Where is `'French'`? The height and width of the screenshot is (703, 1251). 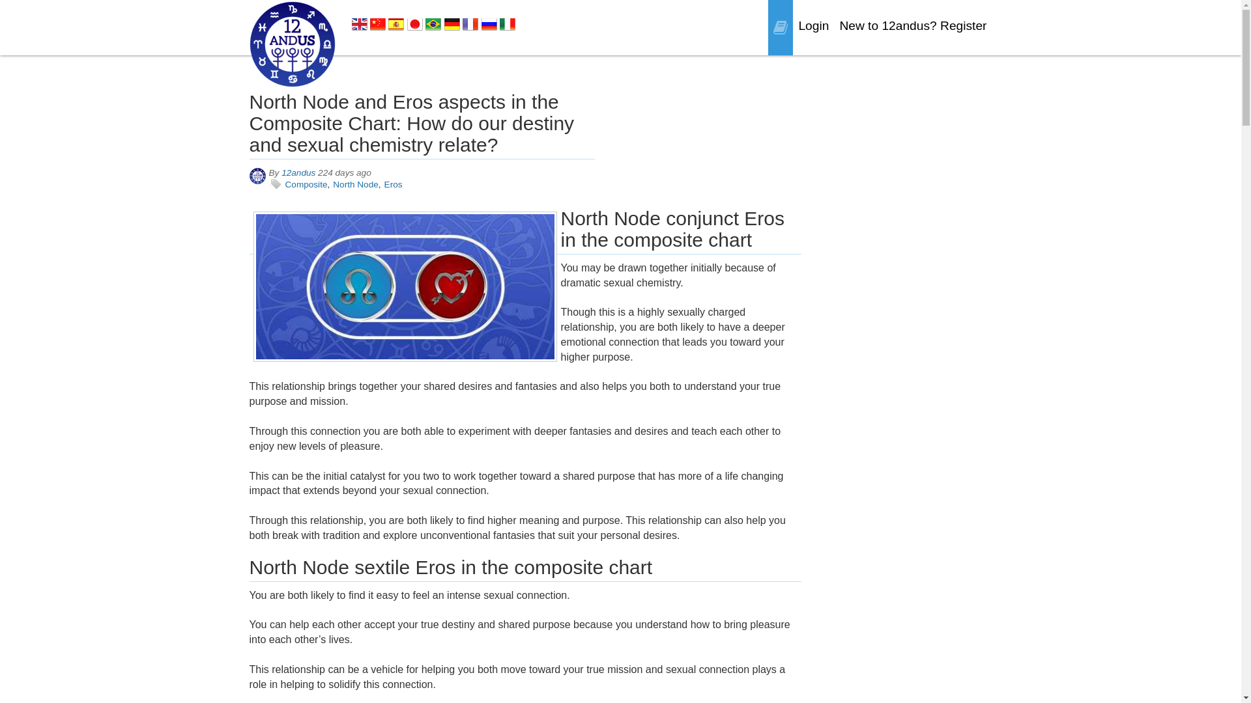
'French' is located at coordinates (469, 23).